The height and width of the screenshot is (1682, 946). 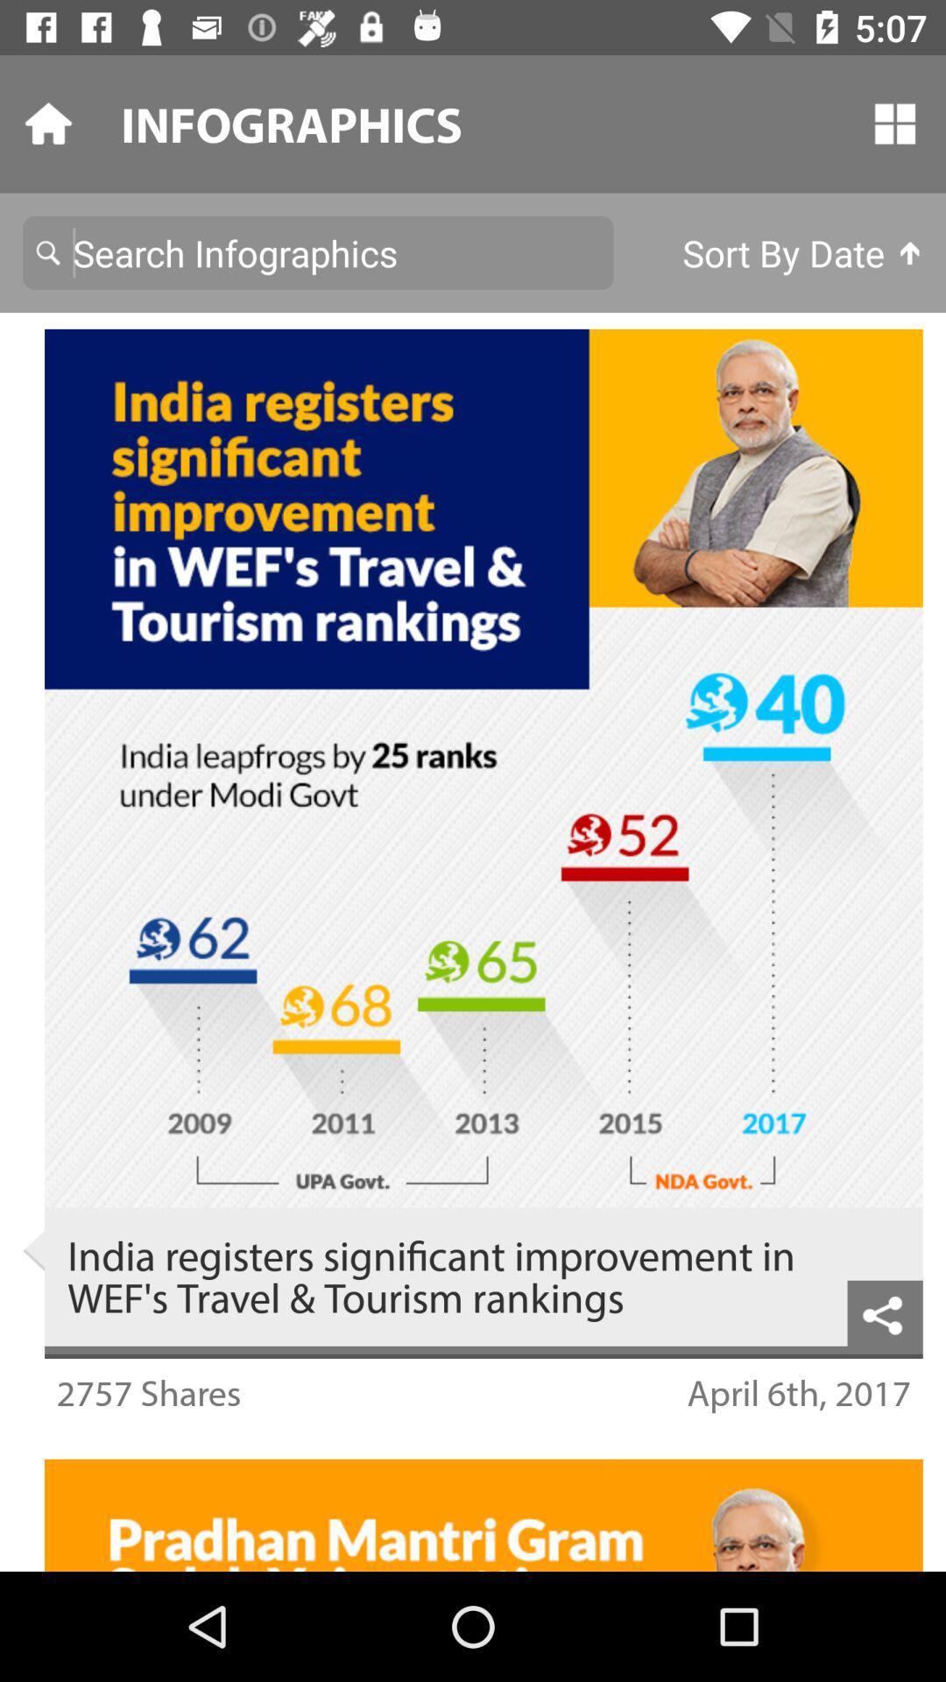 I want to click on item to the left of the april 6th, 2017, so click(x=147, y=1391).